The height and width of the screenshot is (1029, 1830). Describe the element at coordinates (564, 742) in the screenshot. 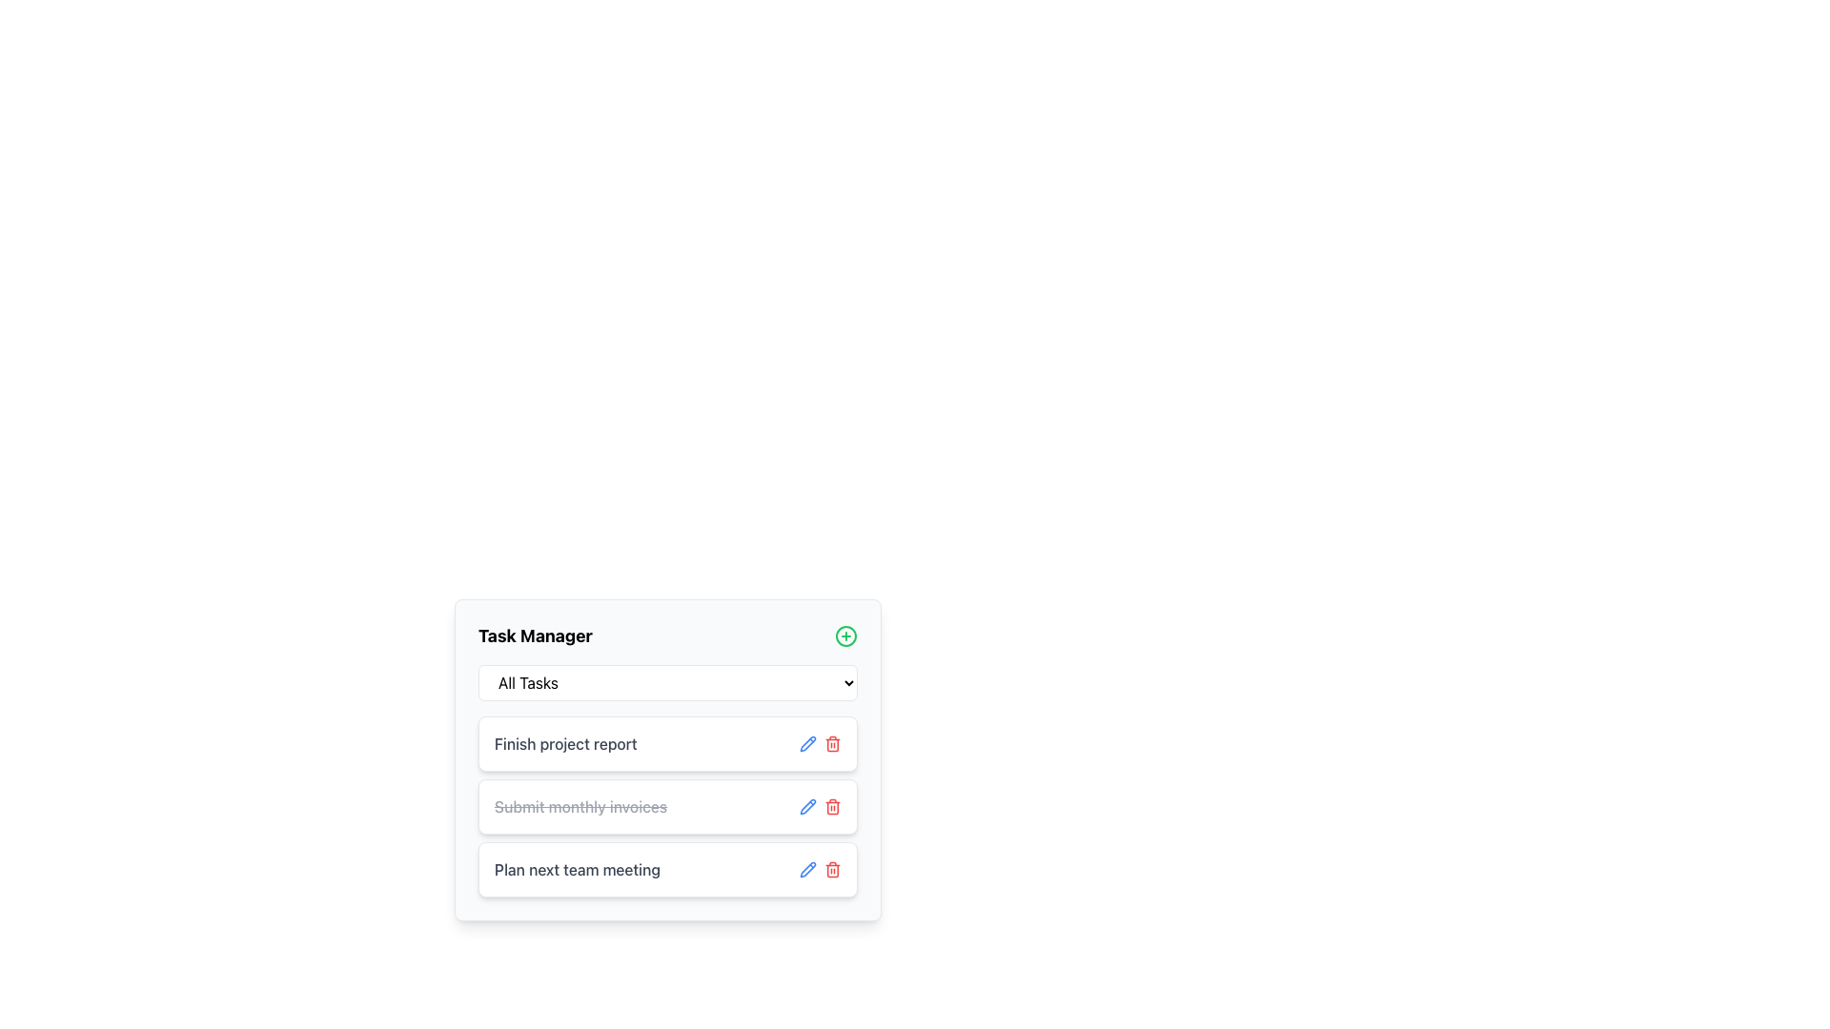

I see `the static label with the text 'Finish project report' located in the Task Manager section, which is visually distinct with medium-weight dark gray font against a white background` at that location.